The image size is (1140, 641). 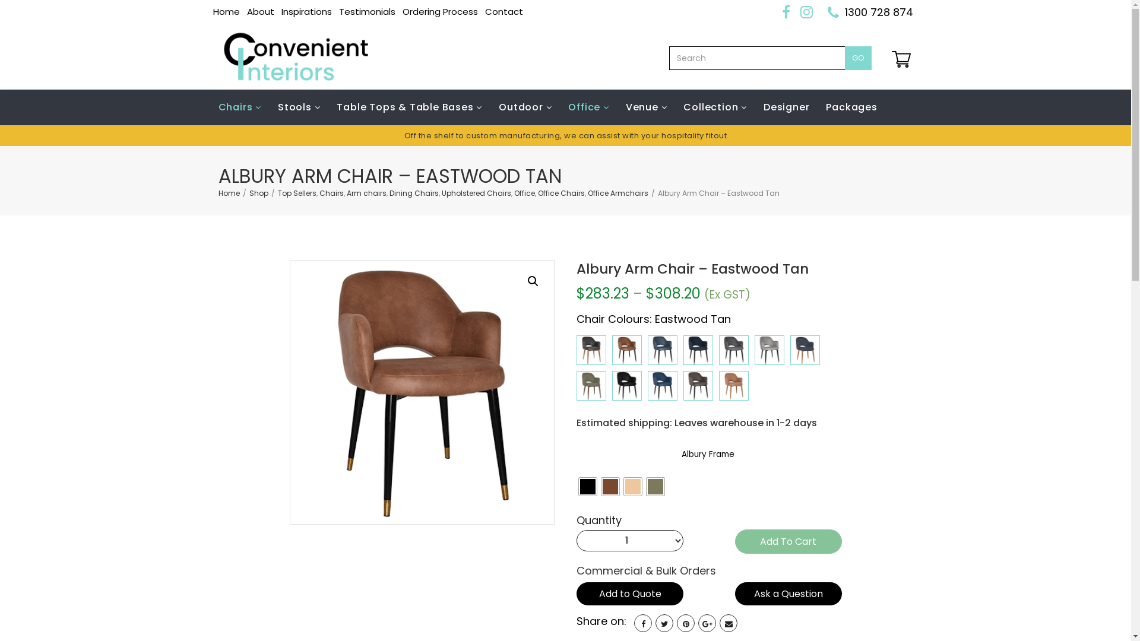 What do you see at coordinates (226, 11) in the screenshot?
I see `'Home'` at bounding box center [226, 11].